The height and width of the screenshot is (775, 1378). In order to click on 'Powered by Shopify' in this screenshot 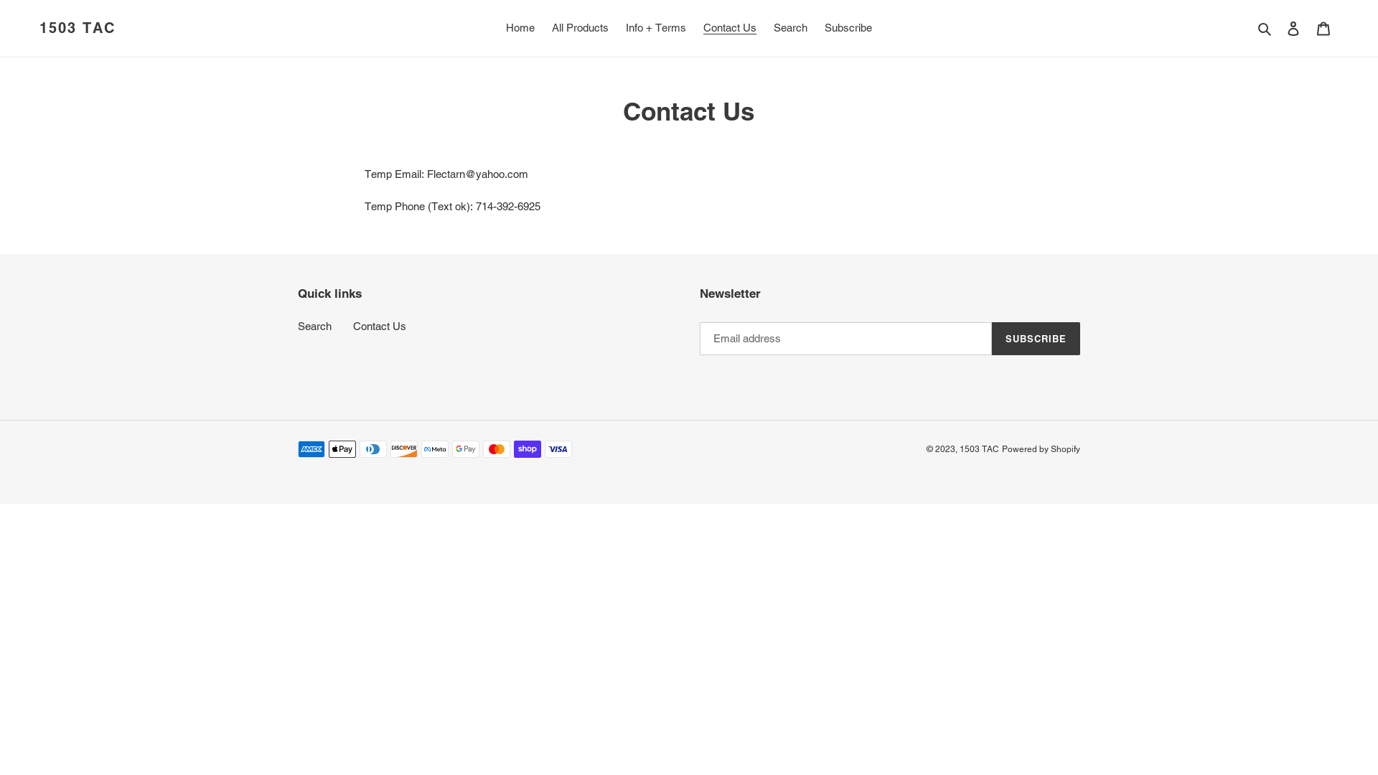, I will do `click(1041, 448)`.